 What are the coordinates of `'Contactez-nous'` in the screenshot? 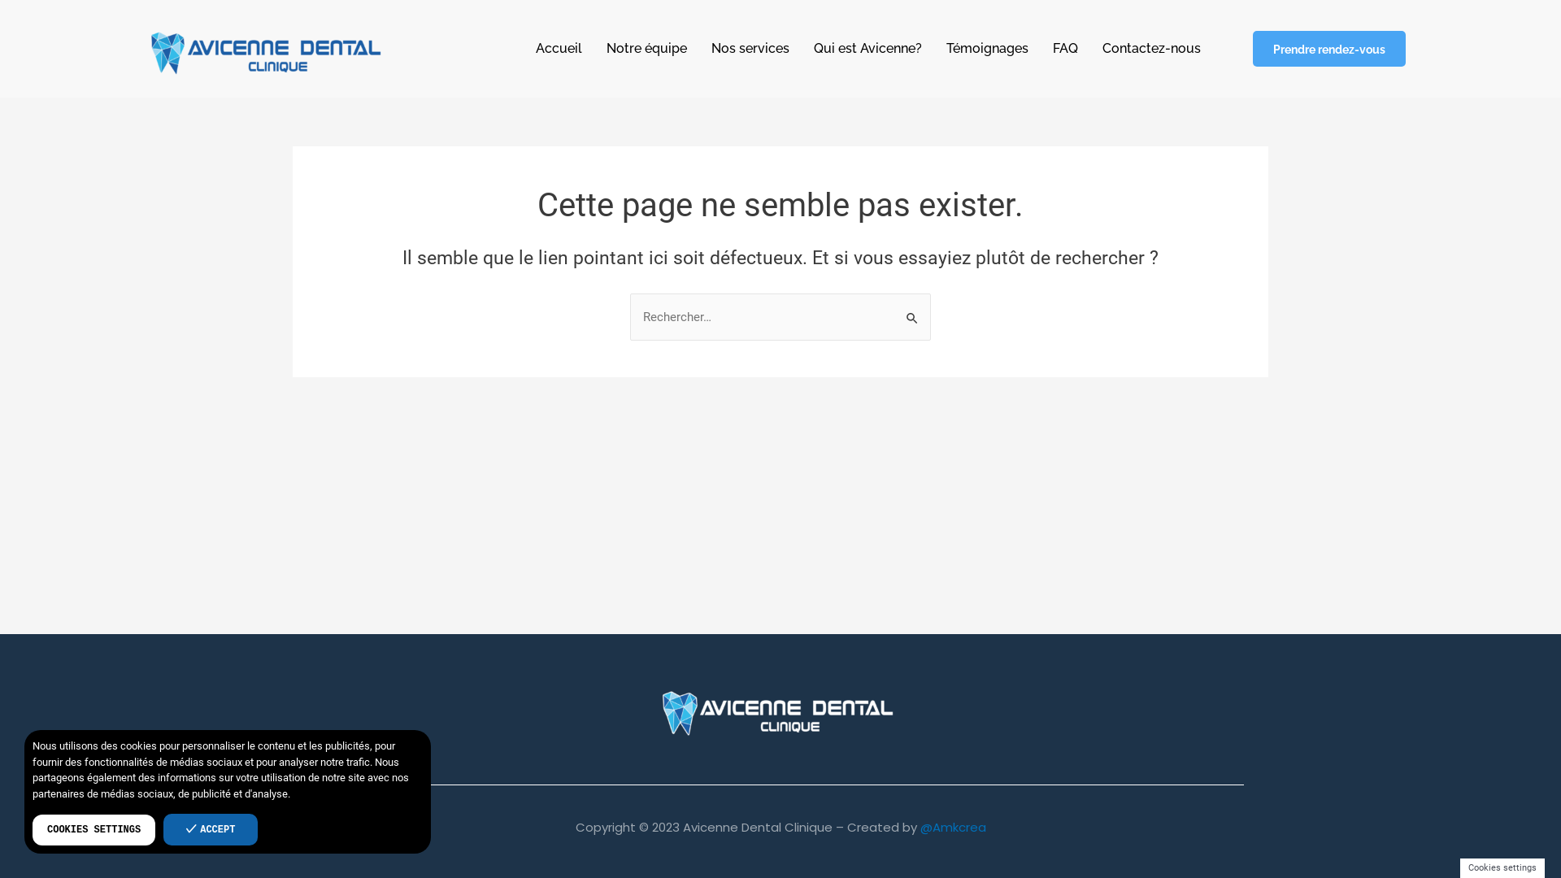 It's located at (1150, 48).